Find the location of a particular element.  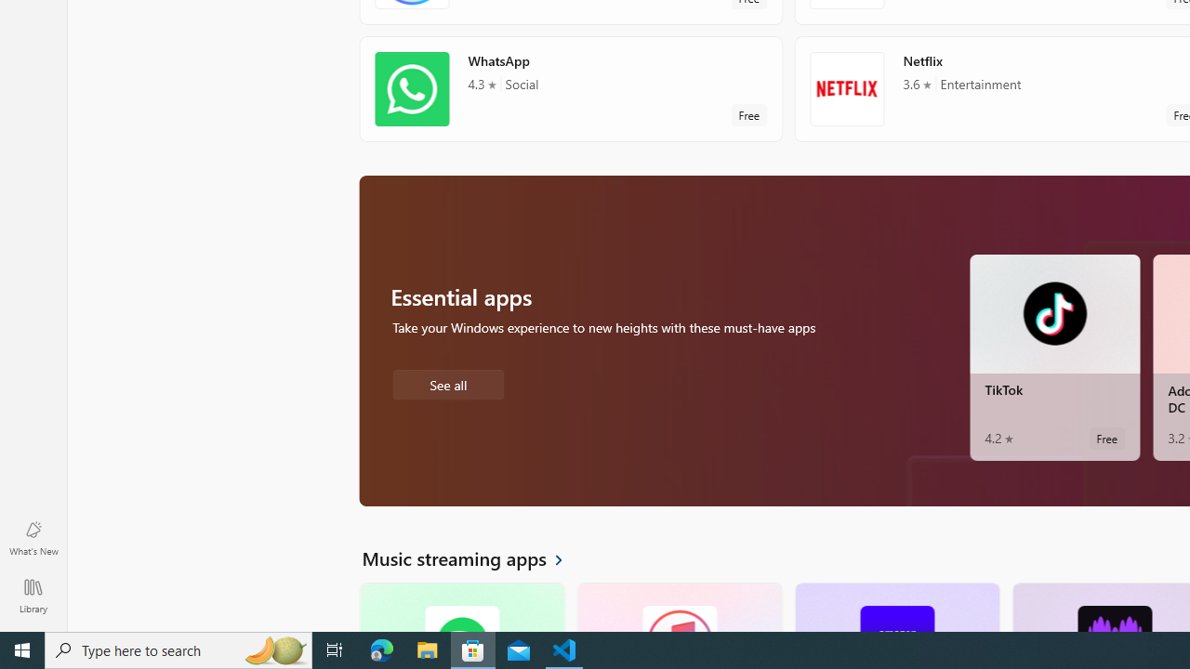

'See all  Music streaming apps' is located at coordinates (473, 557).